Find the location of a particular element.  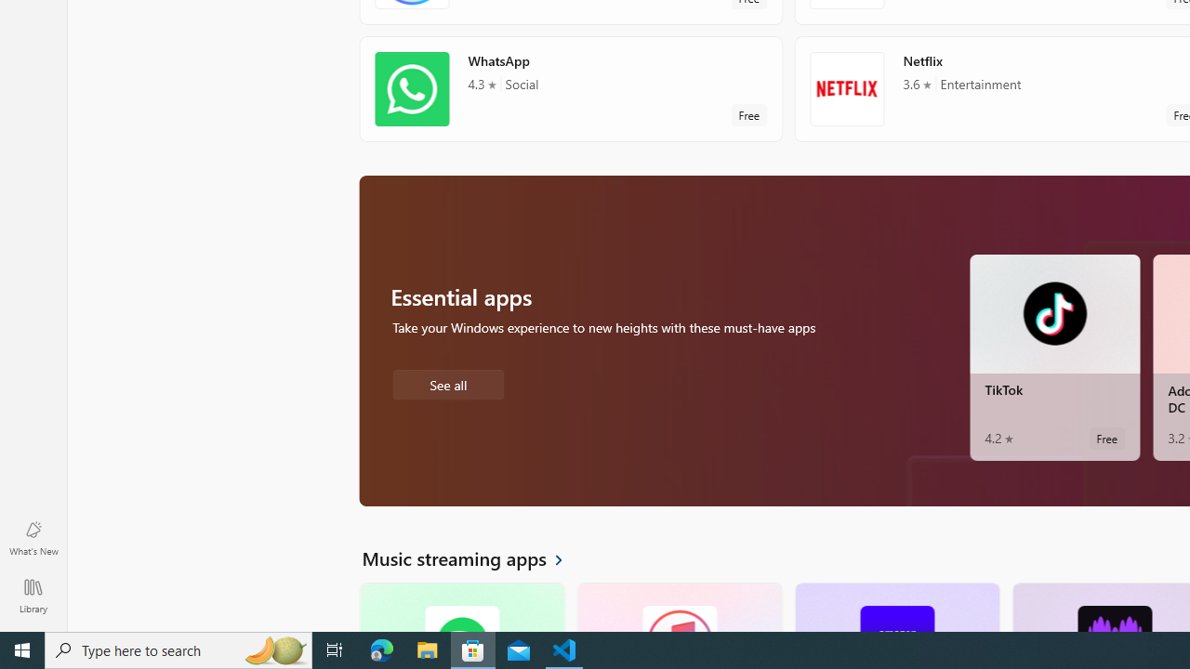

'See all  Music streaming apps' is located at coordinates (473, 557).